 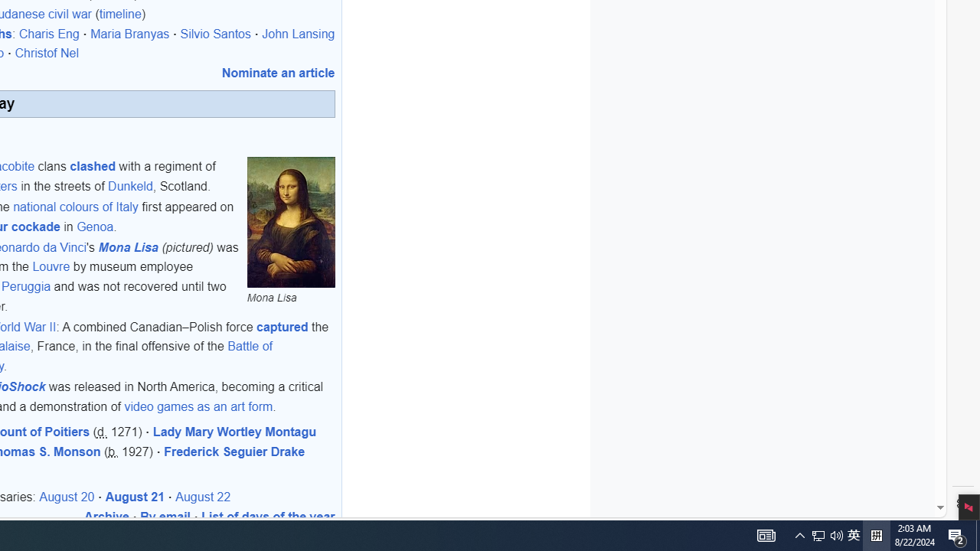 I want to click on 'Dunkeld', so click(x=130, y=185).